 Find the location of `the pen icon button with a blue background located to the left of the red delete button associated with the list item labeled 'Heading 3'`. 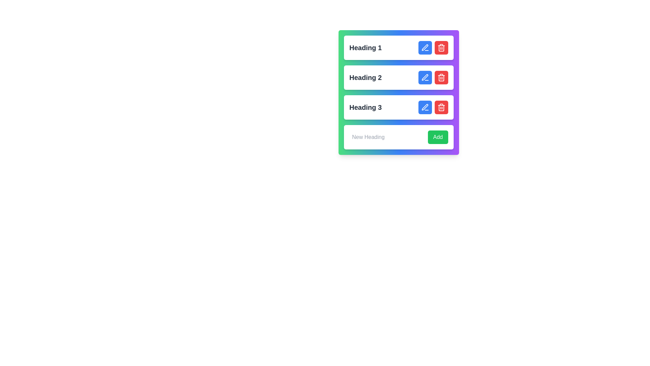

the pen icon button with a blue background located to the left of the red delete button associated with the list item labeled 'Heading 3' is located at coordinates (424, 107).